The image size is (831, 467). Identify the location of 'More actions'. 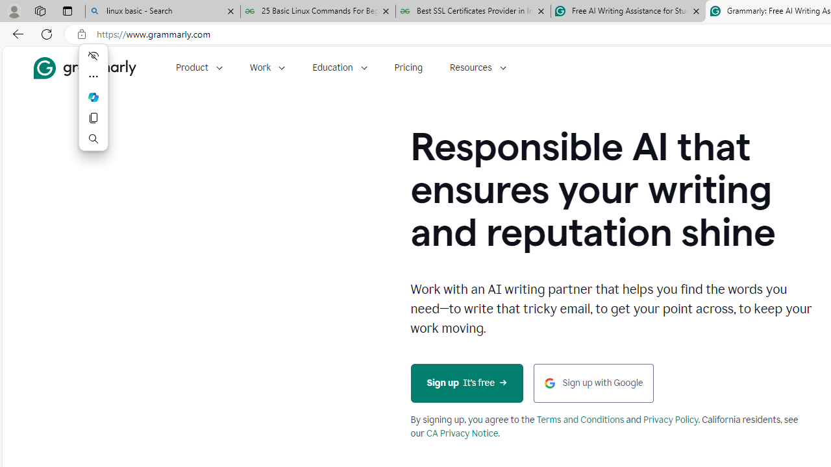
(93, 77).